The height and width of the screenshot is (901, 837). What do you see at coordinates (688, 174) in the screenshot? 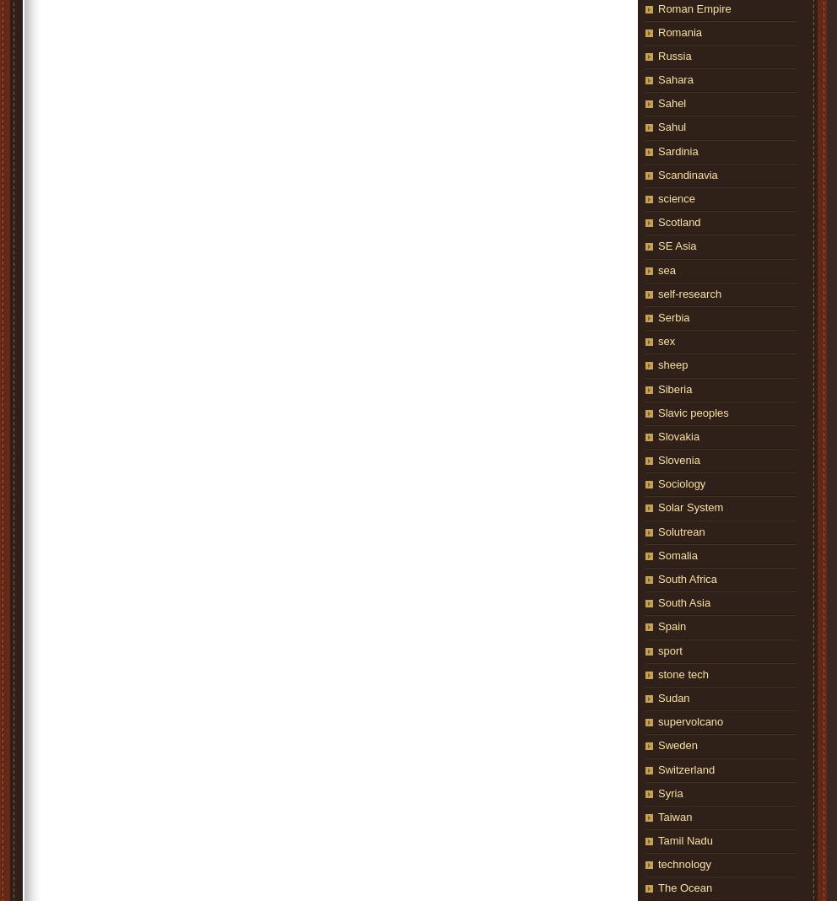
I see `'Scandinavia'` at bounding box center [688, 174].